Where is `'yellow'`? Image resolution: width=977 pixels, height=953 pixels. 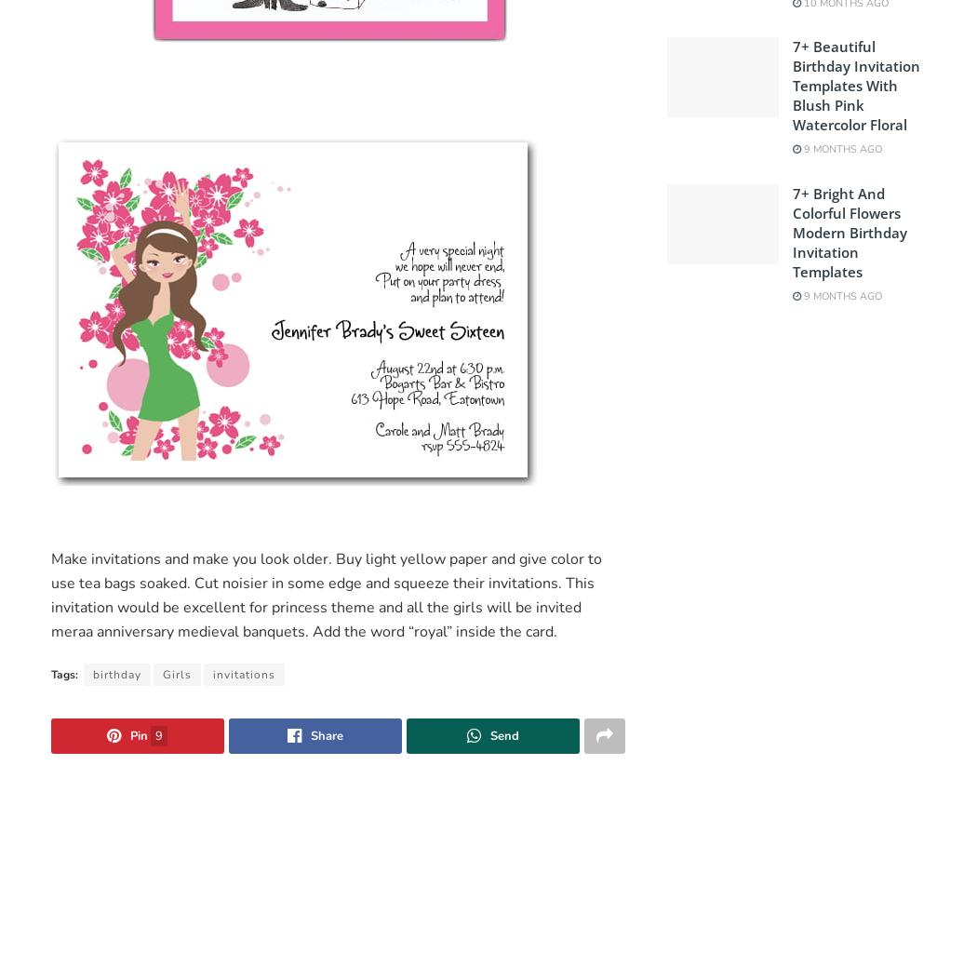 'yellow' is located at coordinates (422, 557).